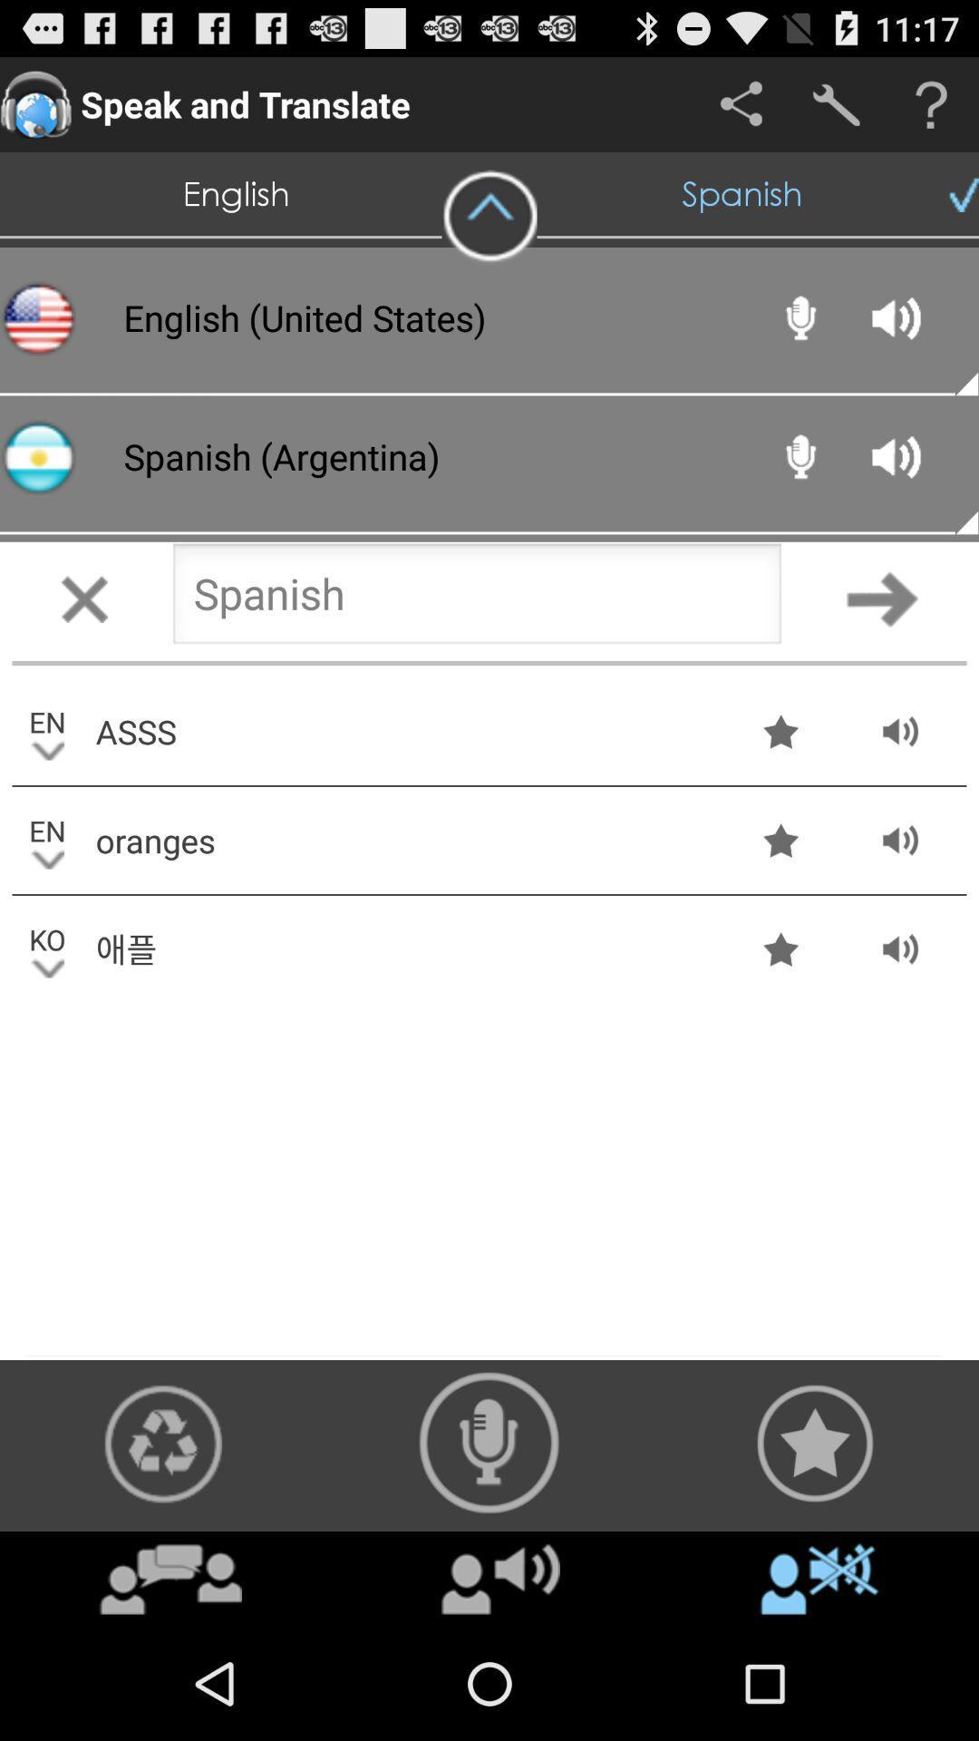 The height and width of the screenshot is (1741, 979). What do you see at coordinates (476, 598) in the screenshot?
I see `search box` at bounding box center [476, 598].